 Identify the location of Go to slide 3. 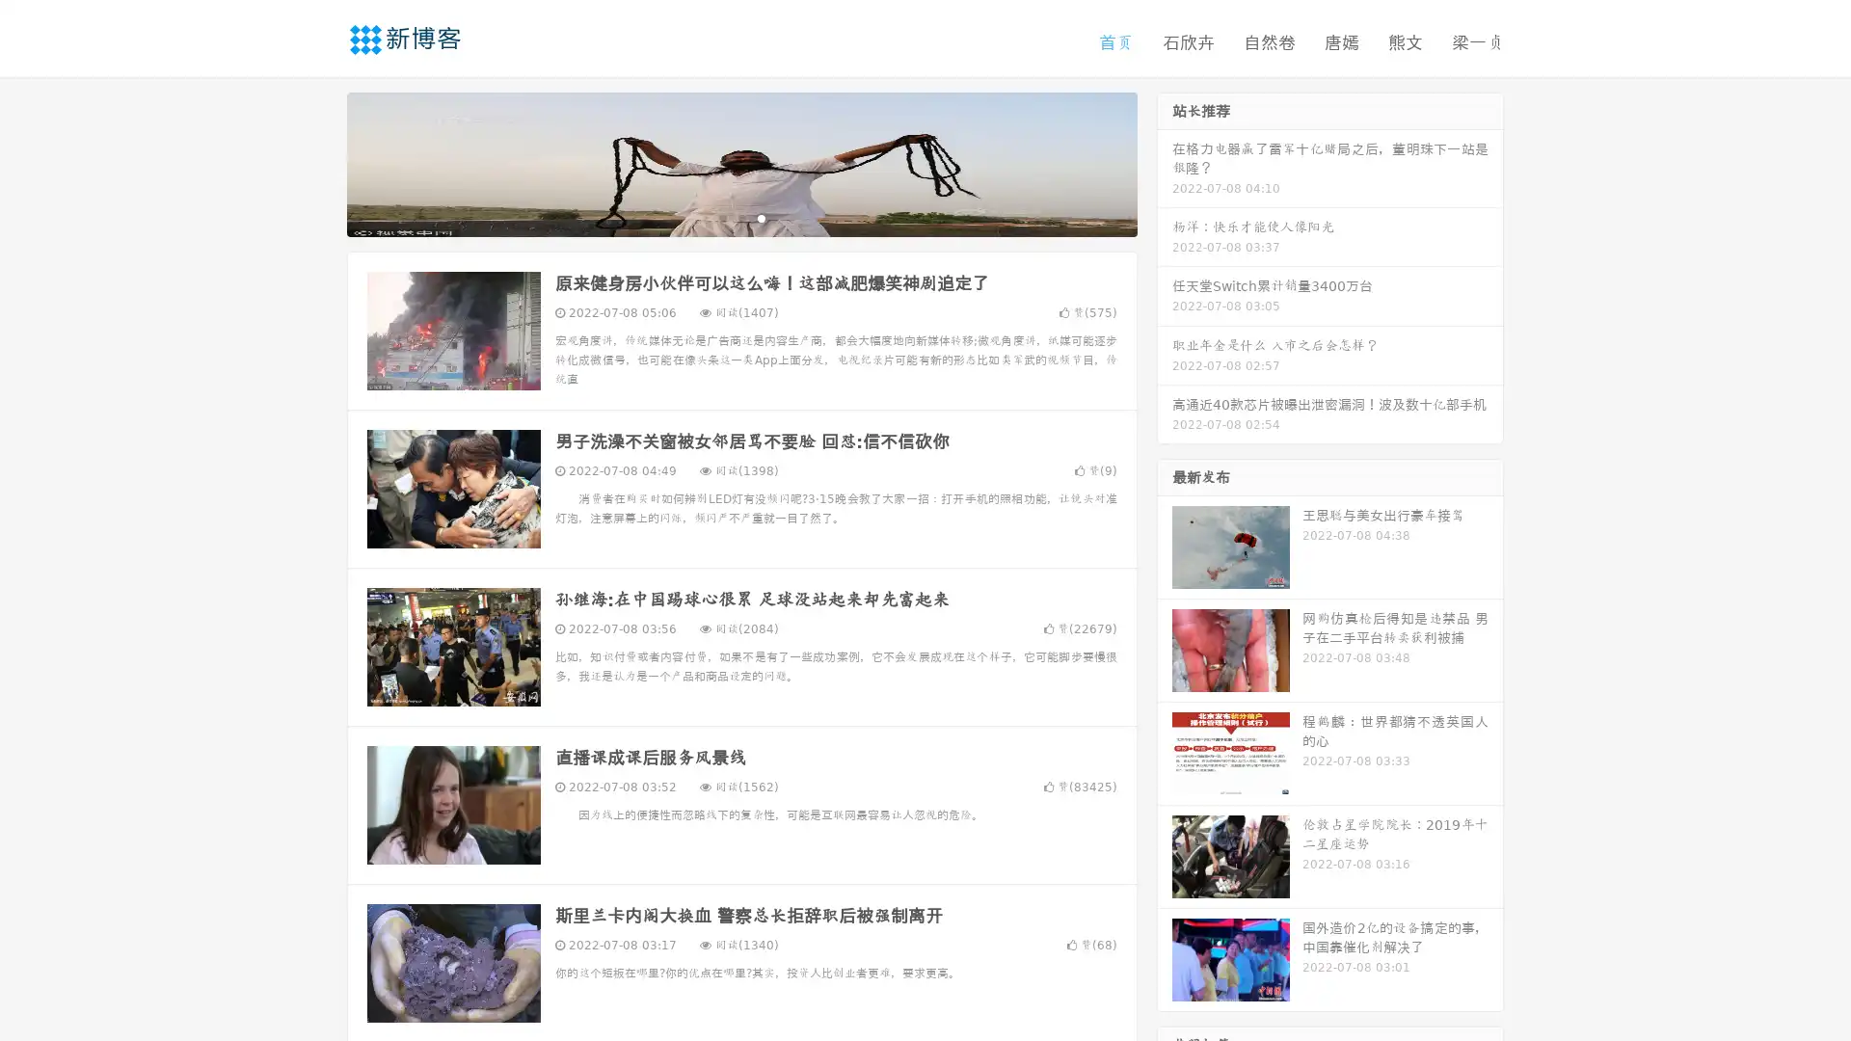
(761, 217).